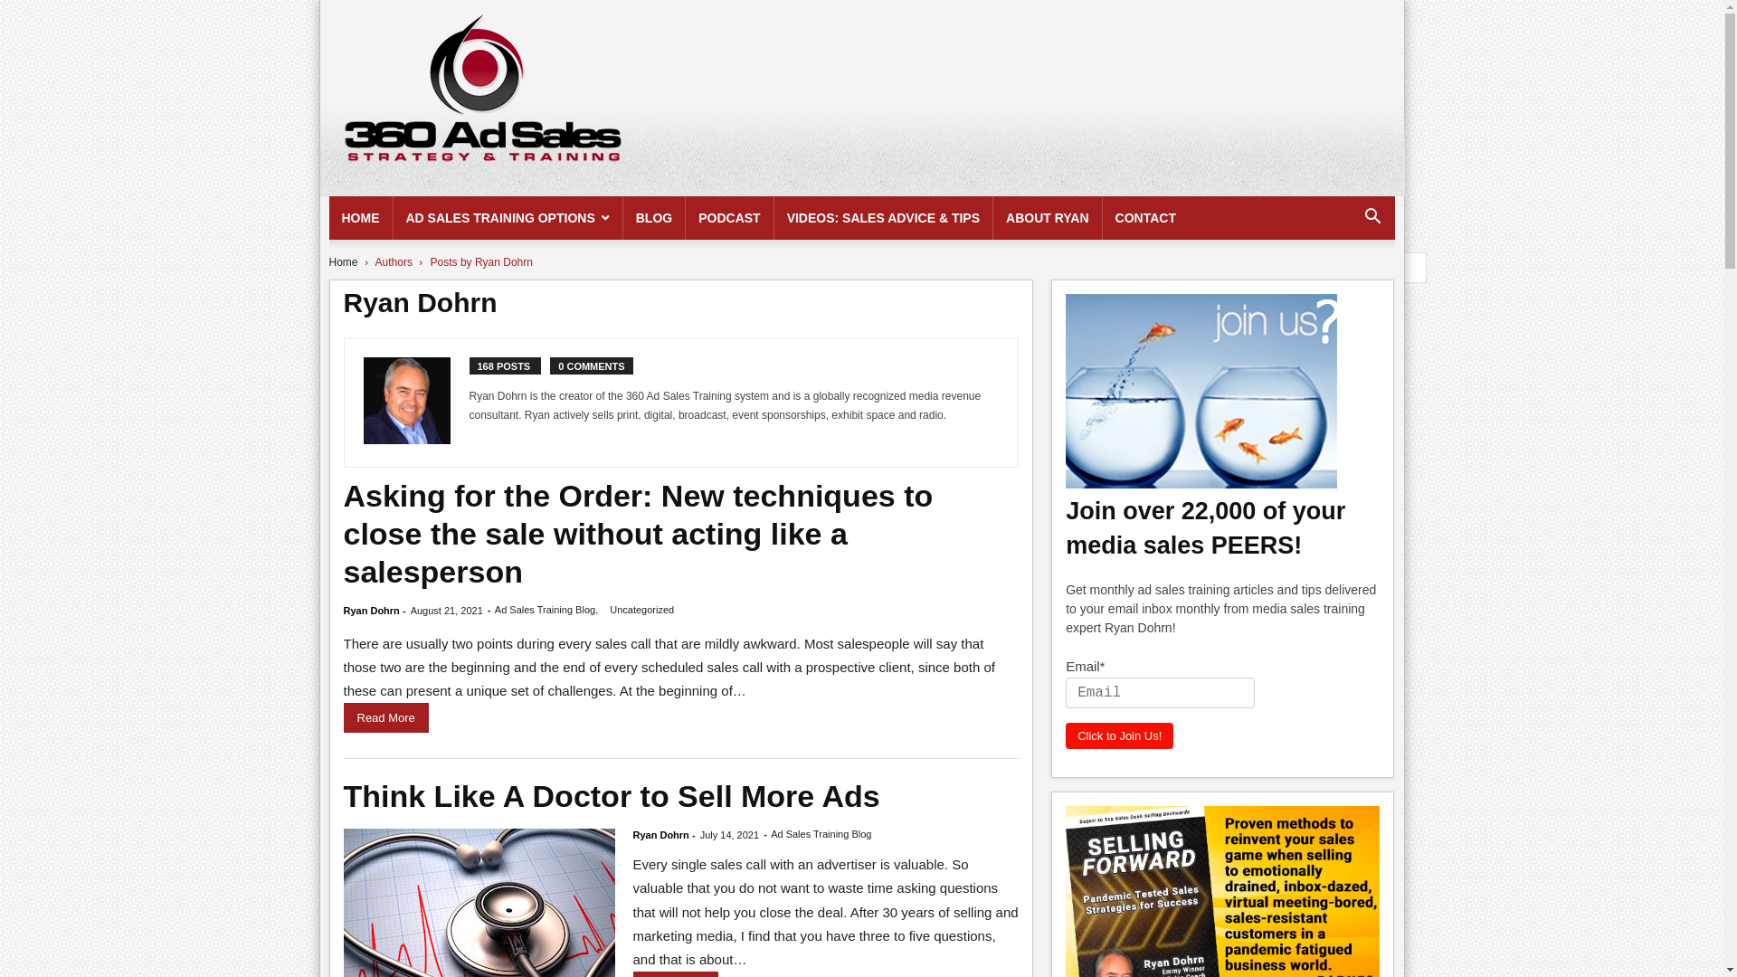 The image size is (1737, 977). What do you see at coordinates (343, 261) in the screenshot?
I see `'Home'` at bounding box center [343, 261].